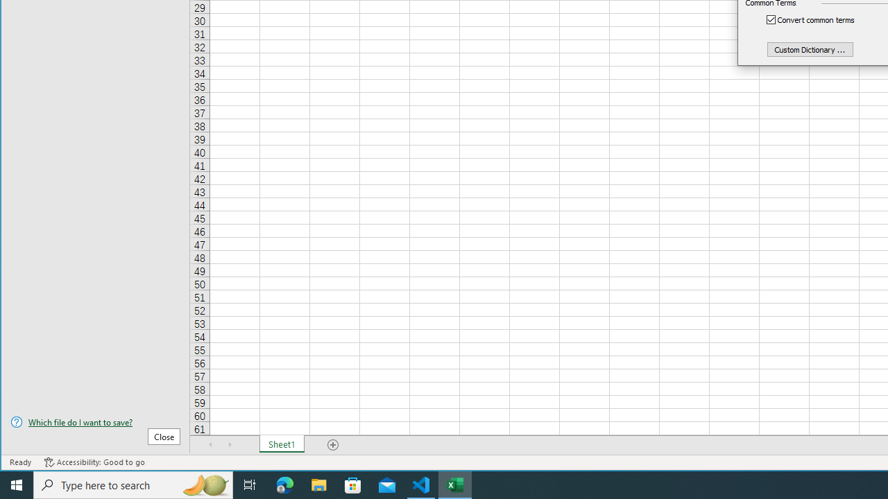  I want to click on 'Type here to search', so click(133, 484).